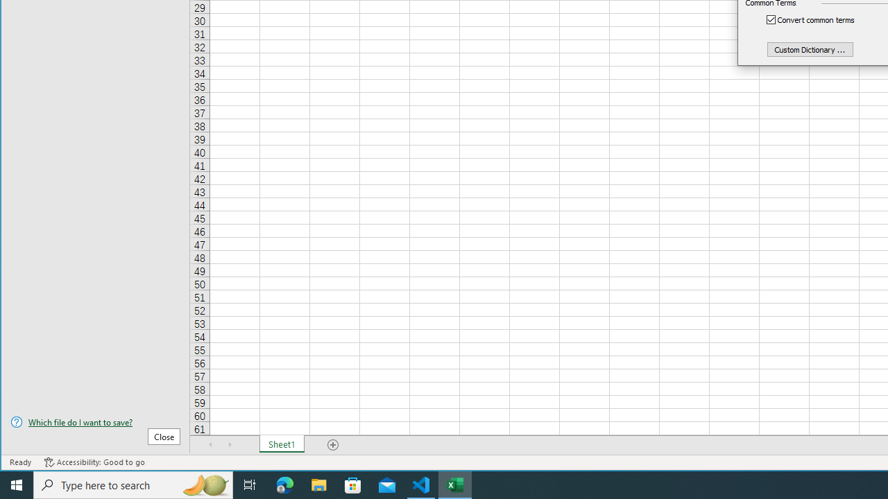  I want to click on 'Type here to search', so click(133, 484).